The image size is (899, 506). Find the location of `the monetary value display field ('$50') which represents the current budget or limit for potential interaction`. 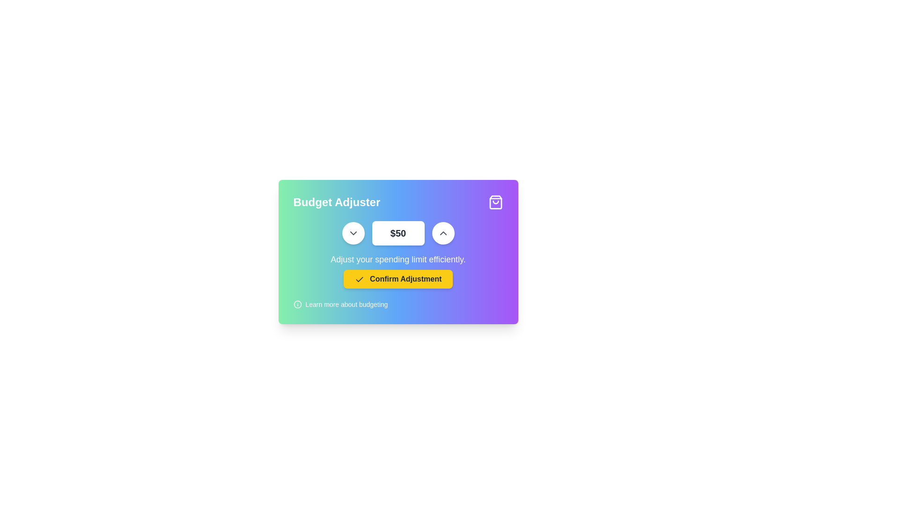

the monetary value display field ('$50') which represents the current budget or limit for potential interaction is located at coordinates (398, 232).